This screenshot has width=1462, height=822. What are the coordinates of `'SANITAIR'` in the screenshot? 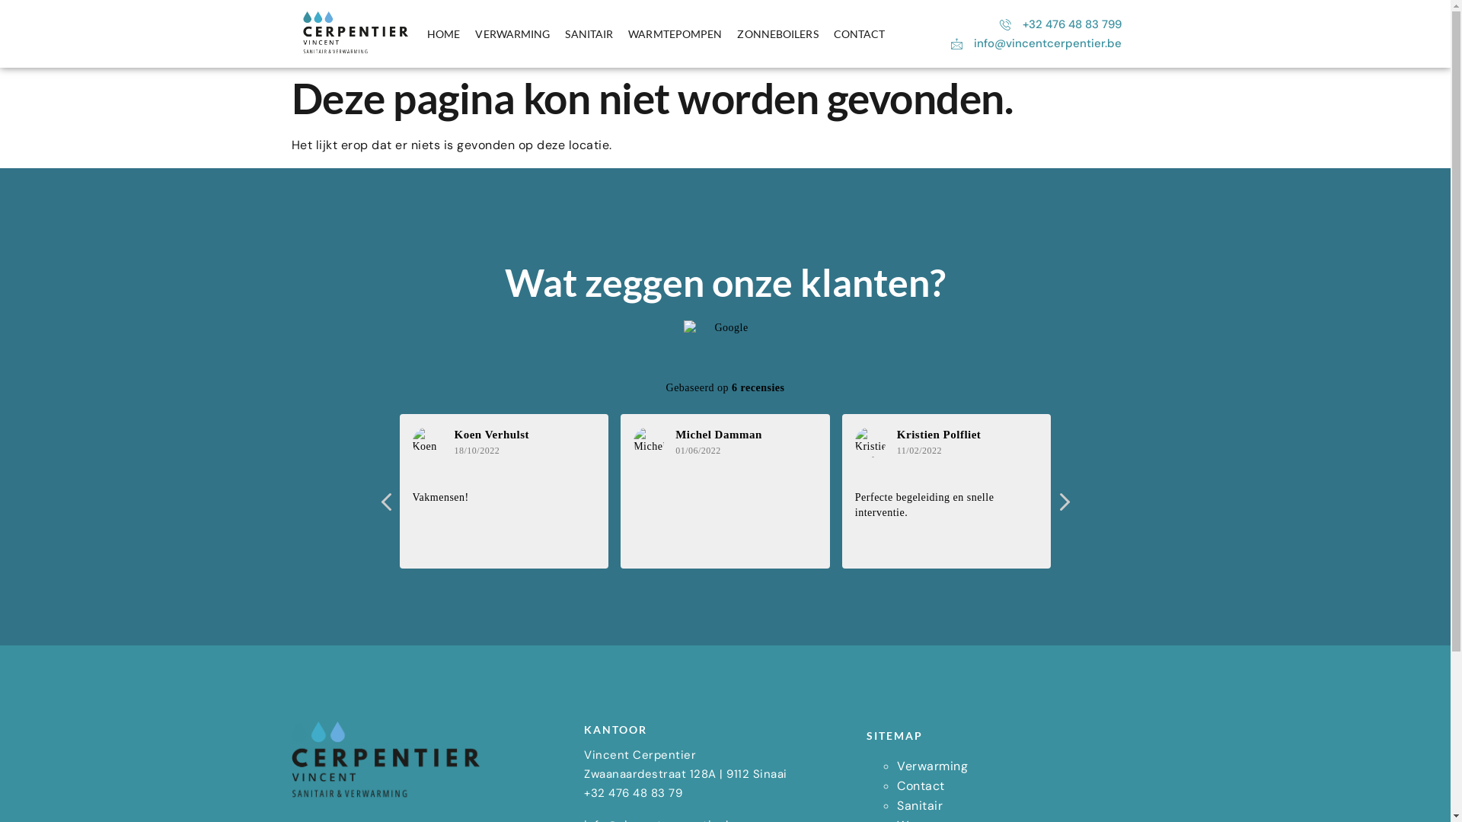 It's located at (588, 34).